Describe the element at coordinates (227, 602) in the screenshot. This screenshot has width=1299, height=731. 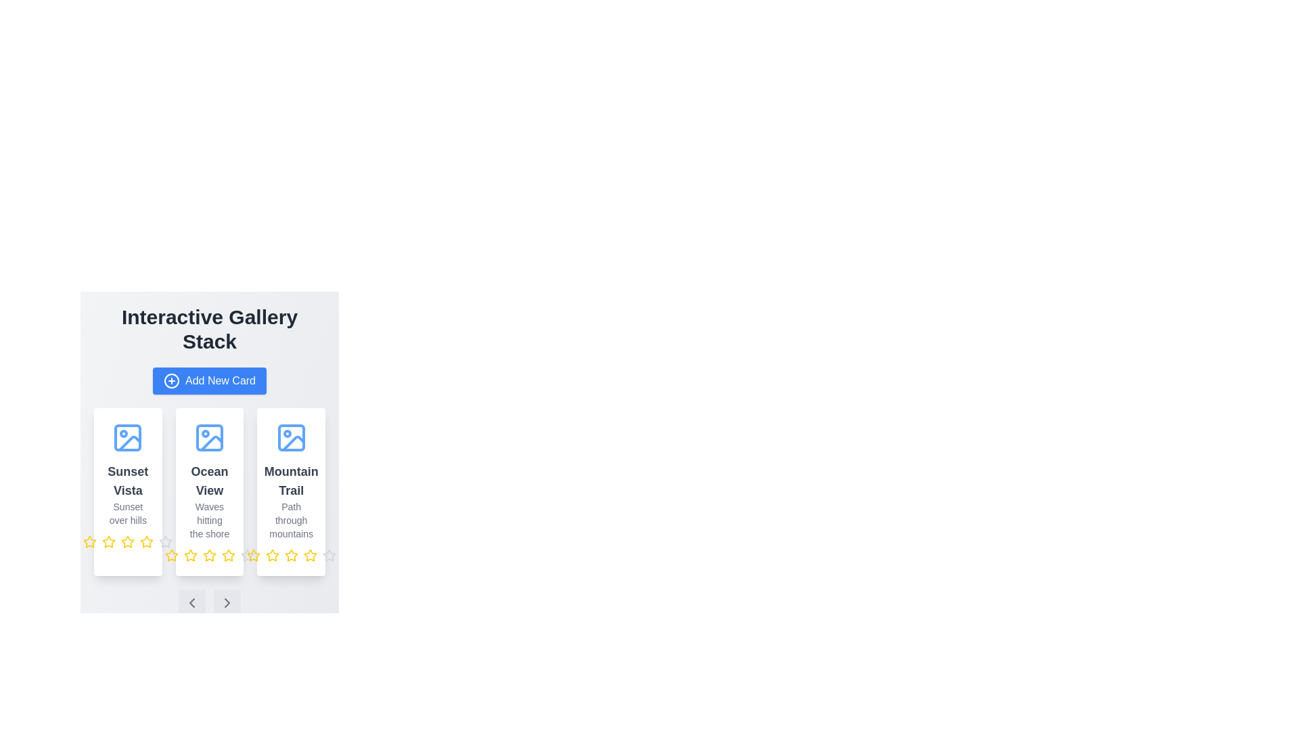
I see `the right-facing chevron icon button located in the navigation button section at the bottom of the interface to change its appearance` at that location.